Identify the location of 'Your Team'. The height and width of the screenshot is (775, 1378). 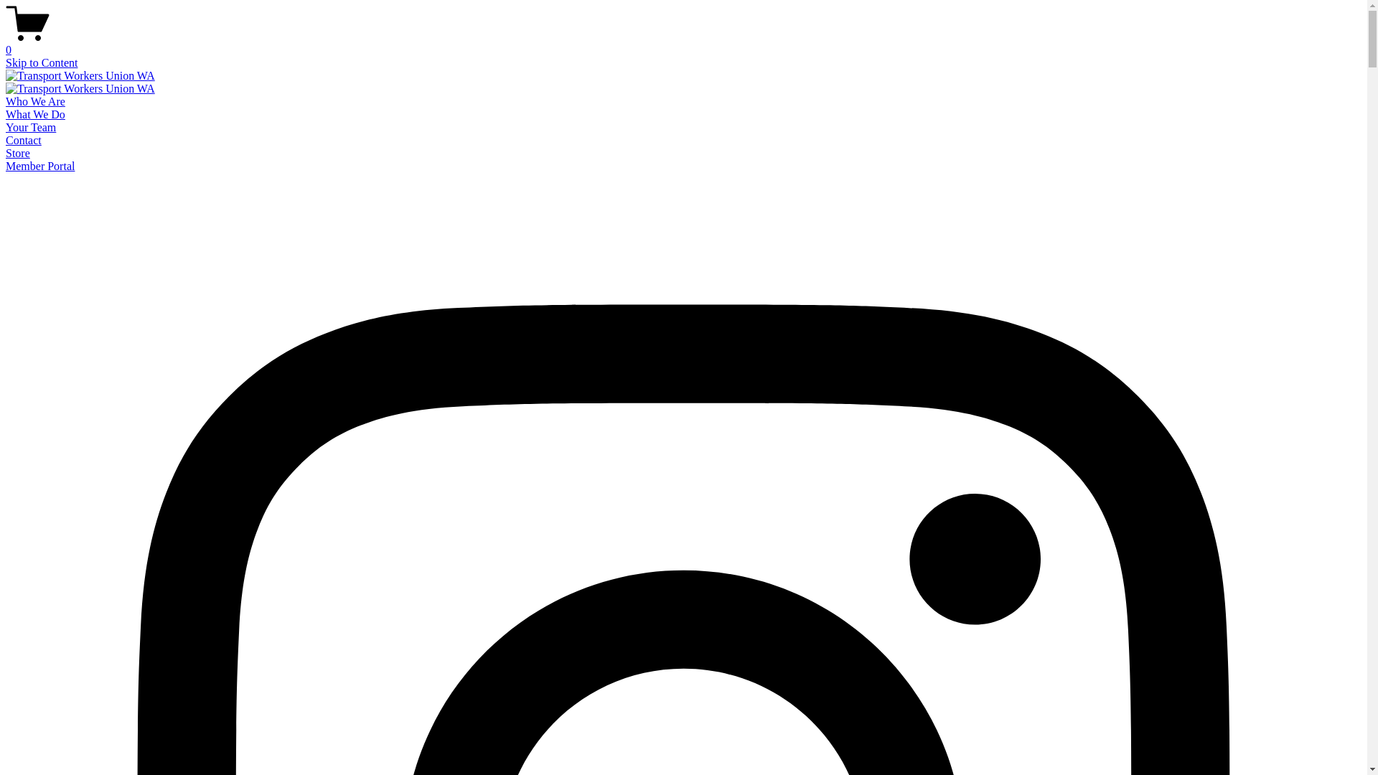
(31, 126).